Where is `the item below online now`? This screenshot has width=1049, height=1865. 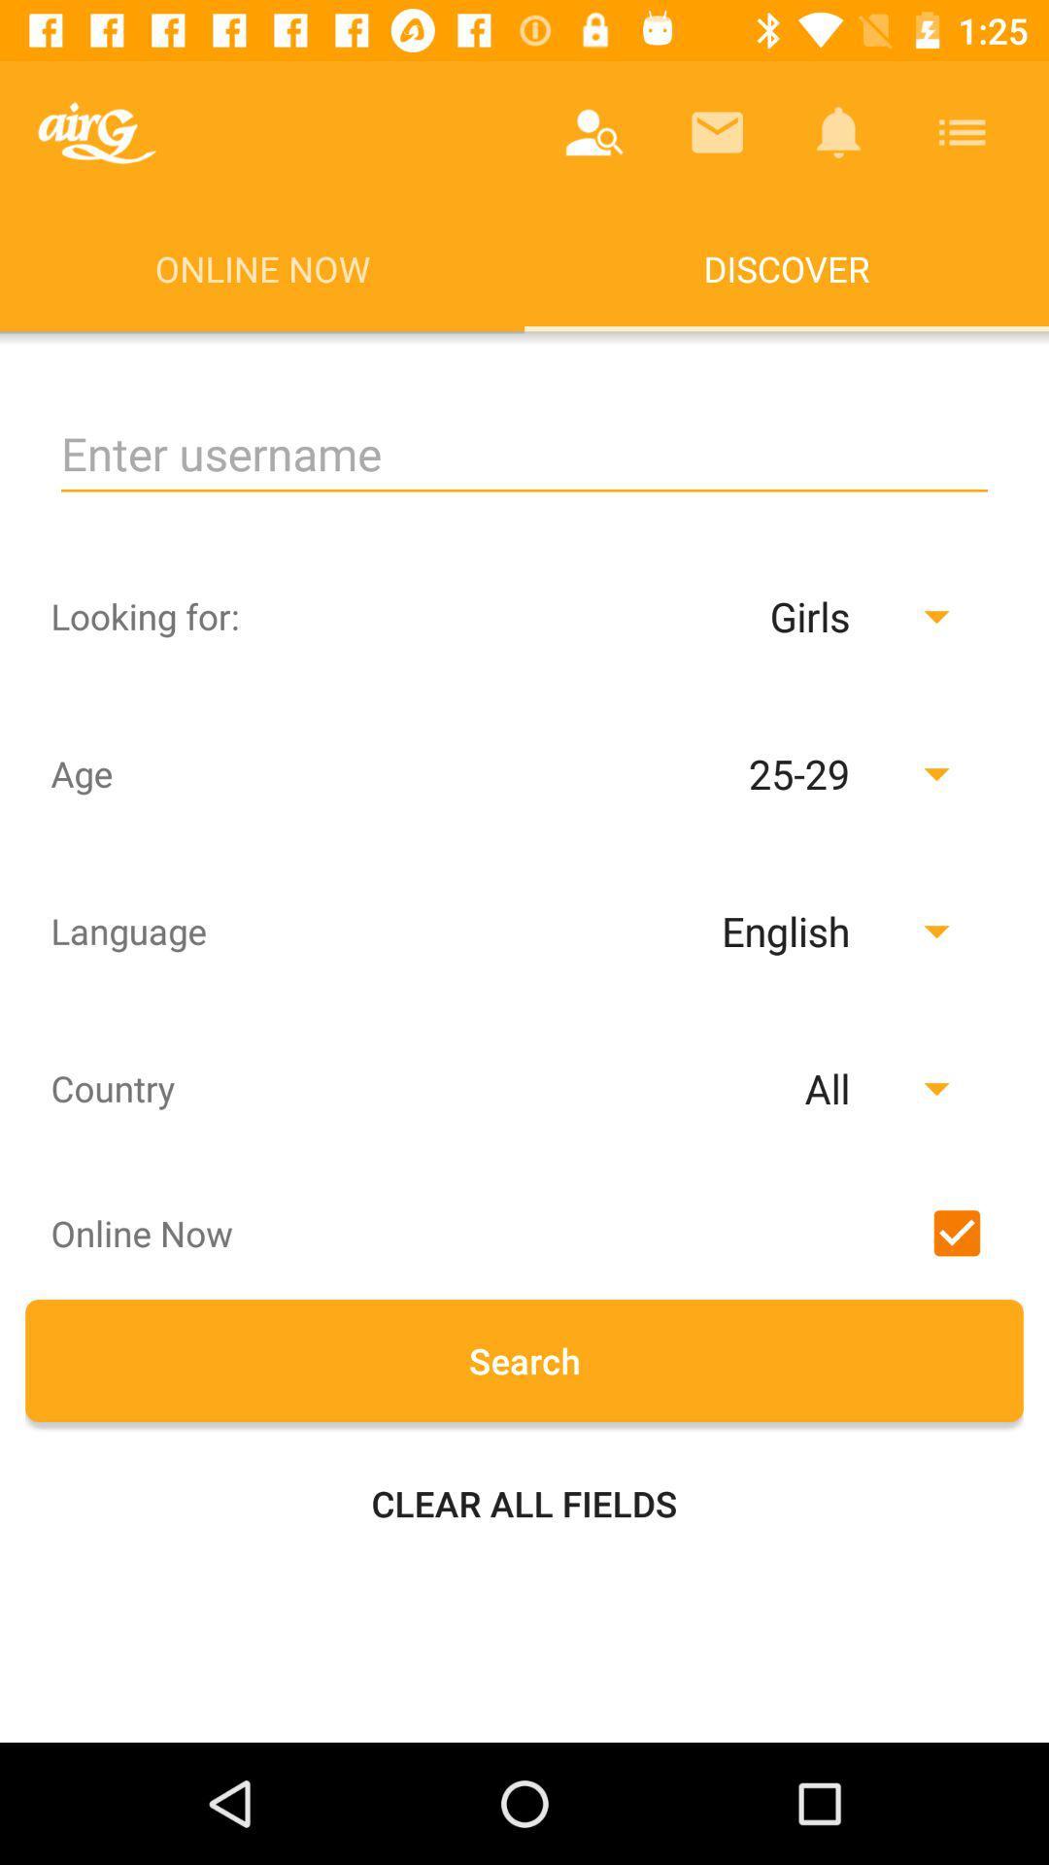
the item below online now is located at coordinates (524, 454).